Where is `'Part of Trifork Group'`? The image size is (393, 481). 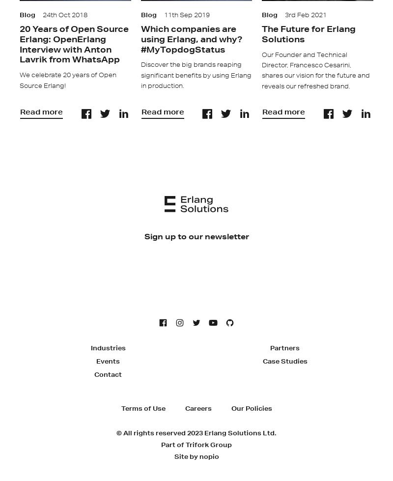 'Part of Trifork Group' is located at coordinates (196, 444).